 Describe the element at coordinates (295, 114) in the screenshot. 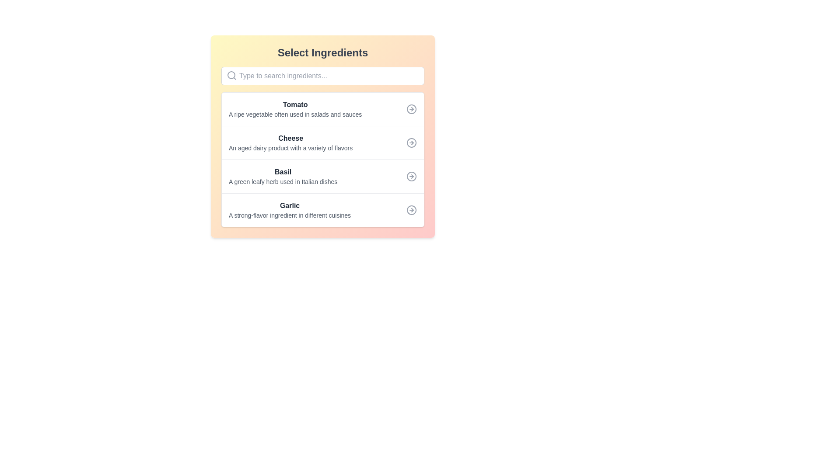

I see `text label that describes 'A ripe vegetable often used in salads and sauces', located below the title 'Tomato'` at that location.